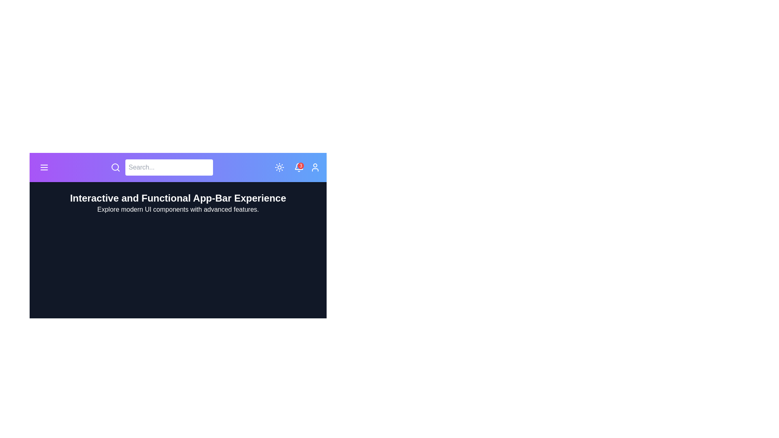 The width and height of the screenshot is (779, 438). What do you see at coordinates (299, 167) in the screenshot?
I see `the bell icon to view notifications` at bounding box center [299, 167].